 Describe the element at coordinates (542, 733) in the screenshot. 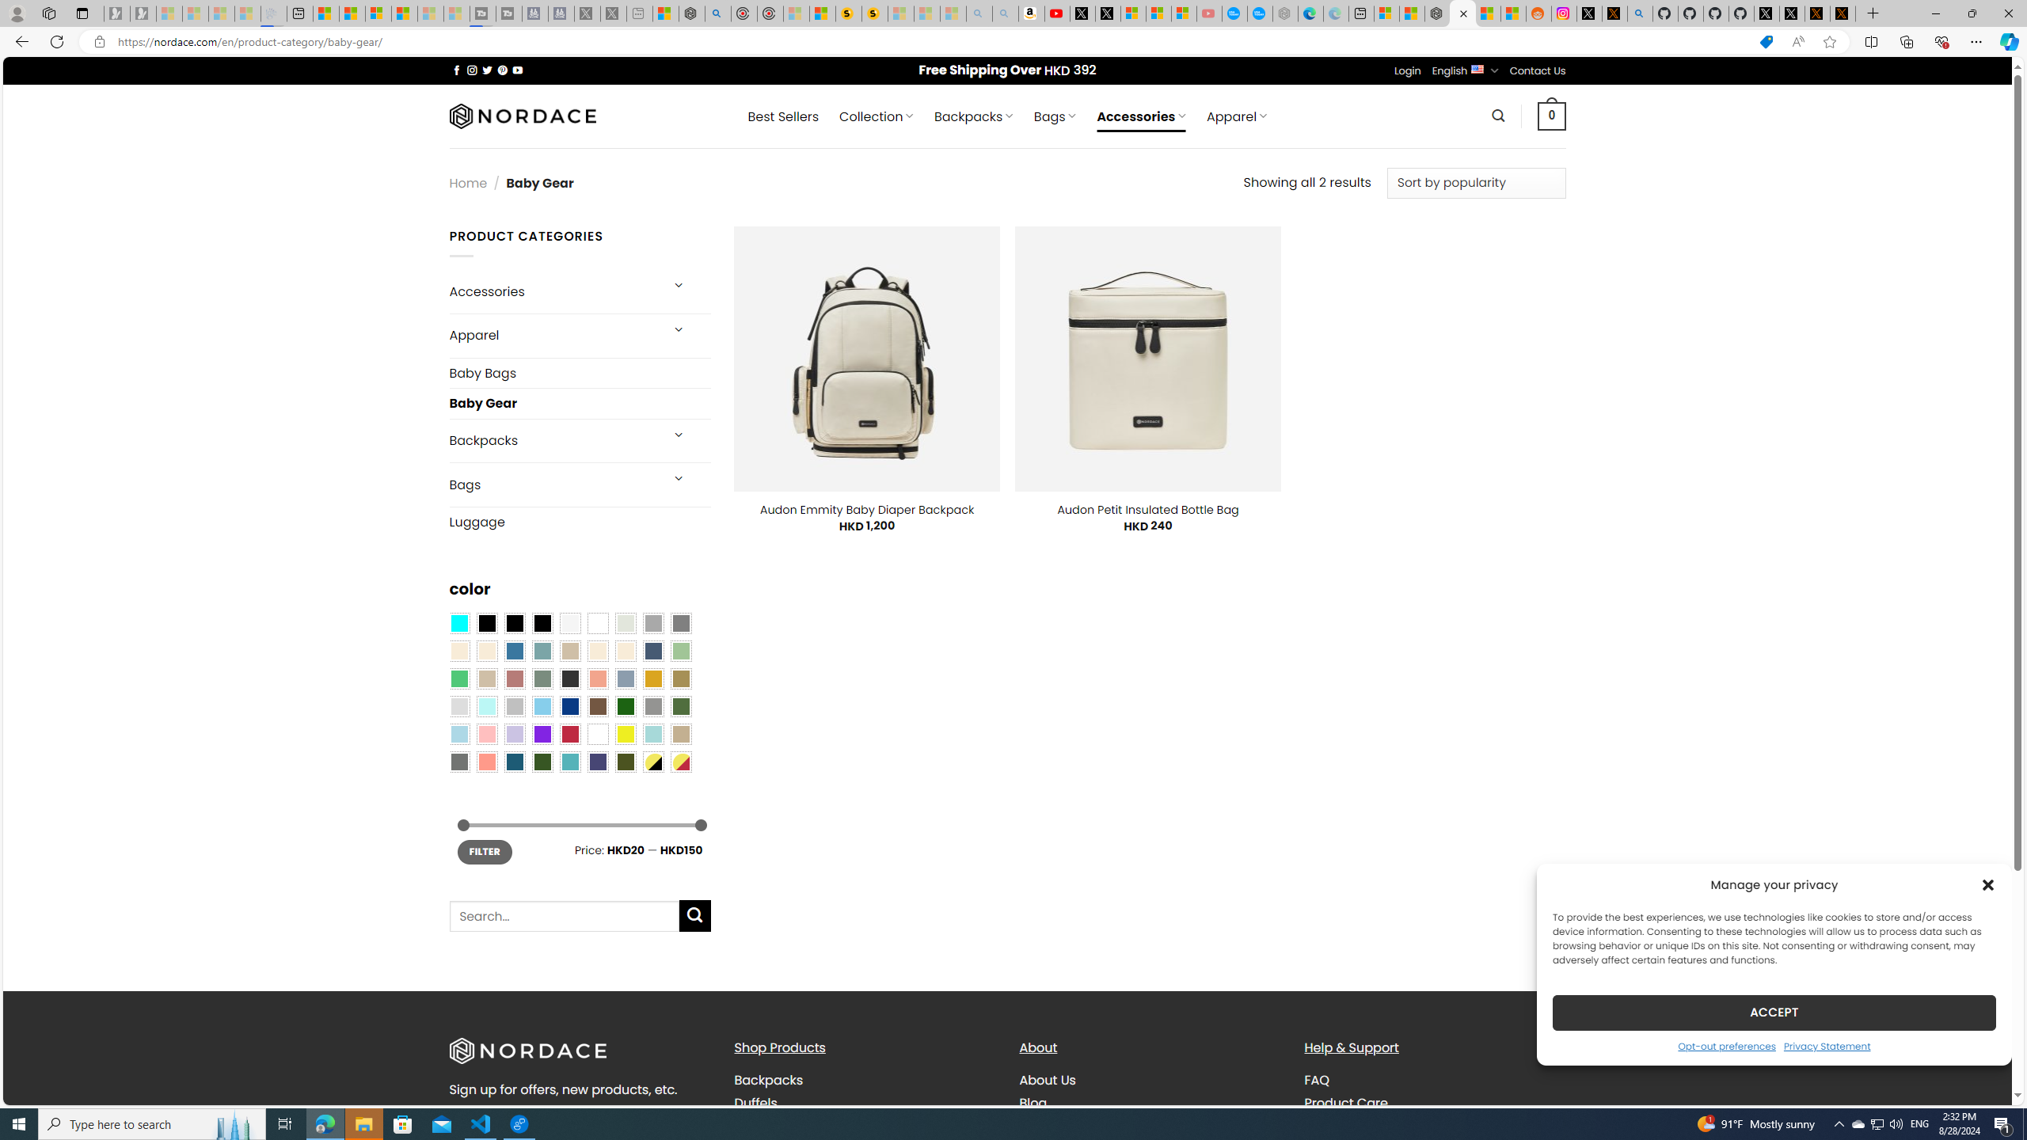

I see `'Purple'` at that location.